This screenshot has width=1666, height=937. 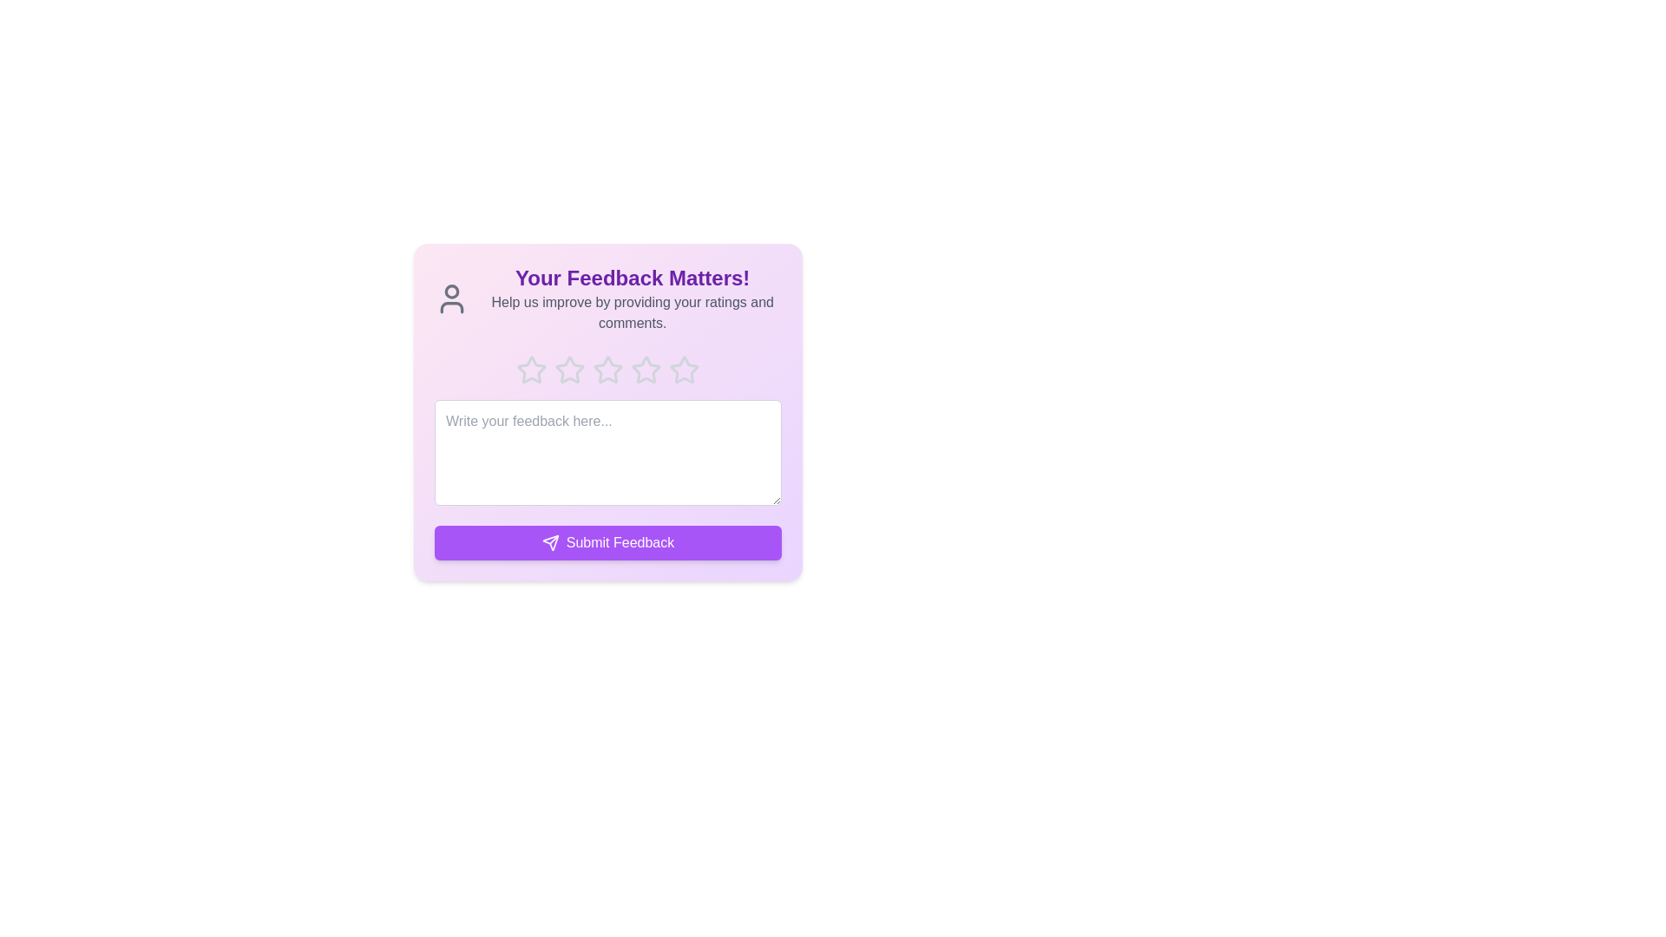 What do you see at coordinates (607, 451) in the screenshot?
I see `the text area and type the feedback text` at bounding box center [607, 451].